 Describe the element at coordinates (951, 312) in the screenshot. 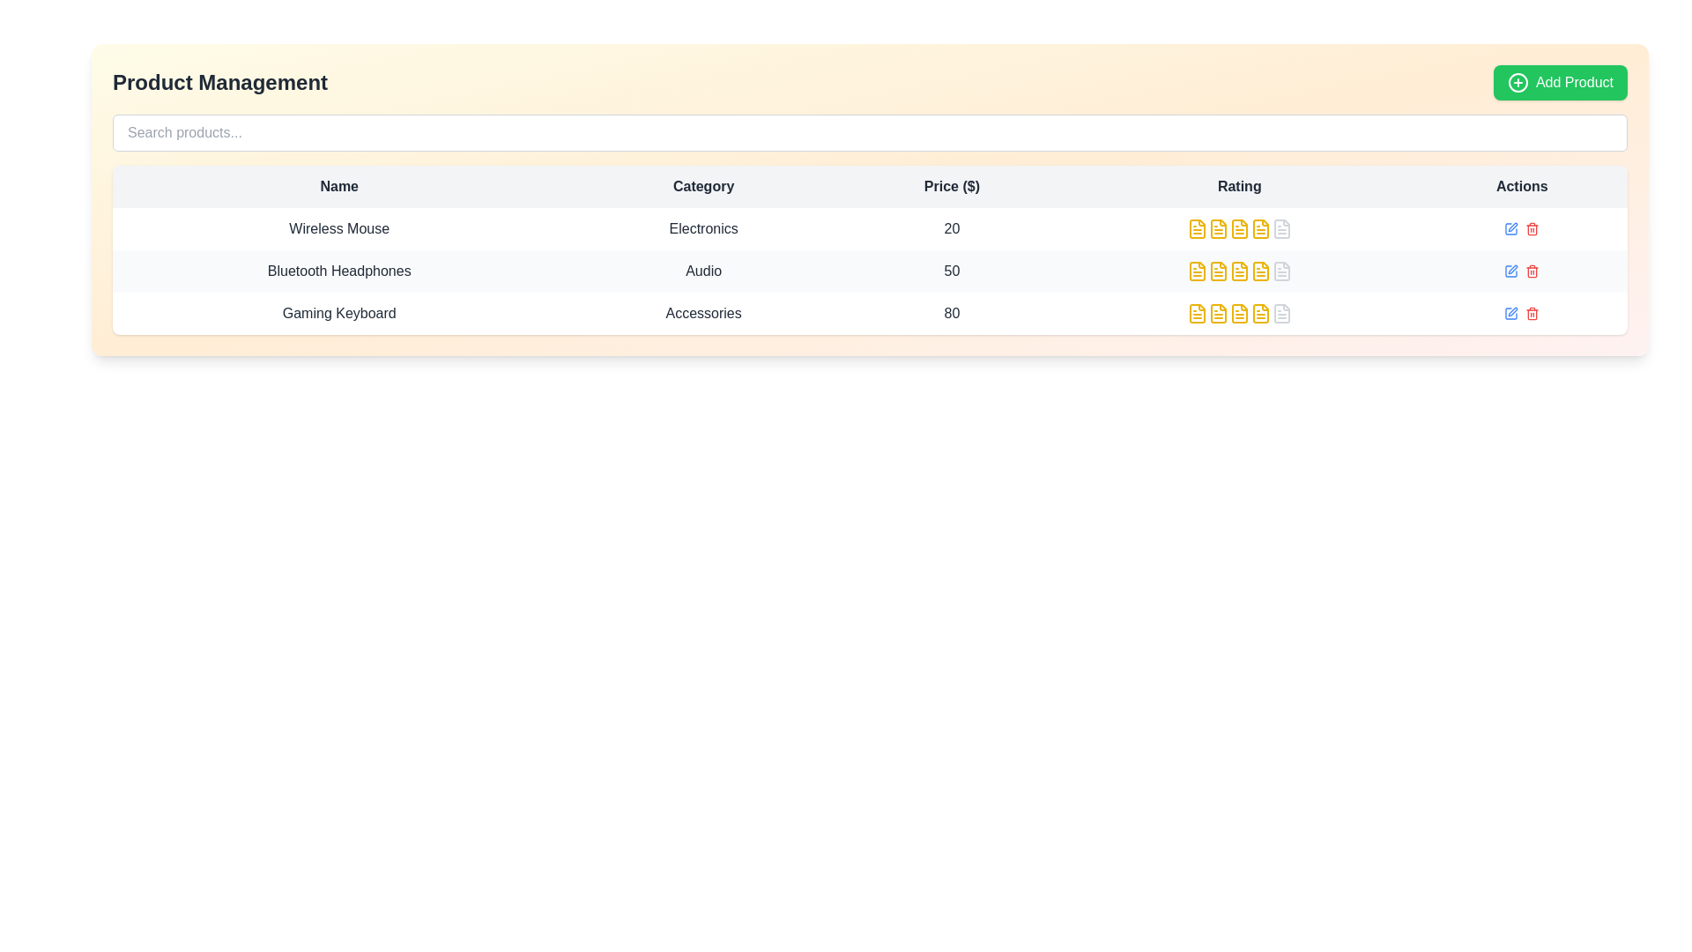

I see `price value for the product 'Gaming Keyboard' from the text label located in the third row of the table under the 'Price ($)' column` at that location.